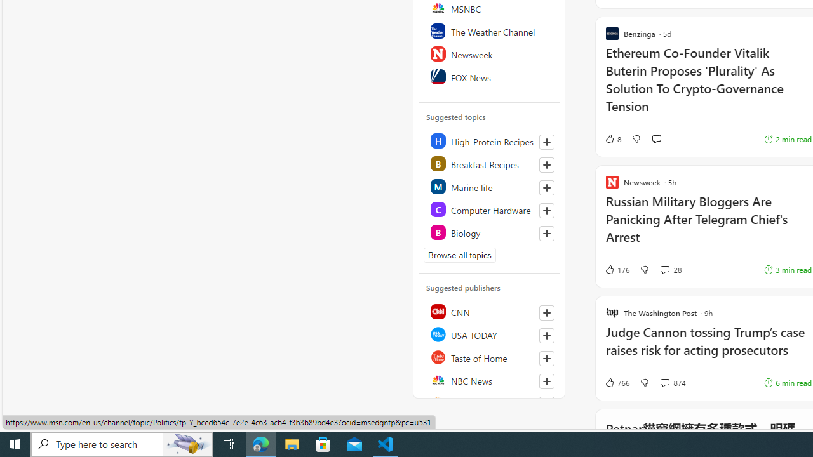 This screenshot has width=813, height=457. I want to click on 'NBC News', so click(489, 380).